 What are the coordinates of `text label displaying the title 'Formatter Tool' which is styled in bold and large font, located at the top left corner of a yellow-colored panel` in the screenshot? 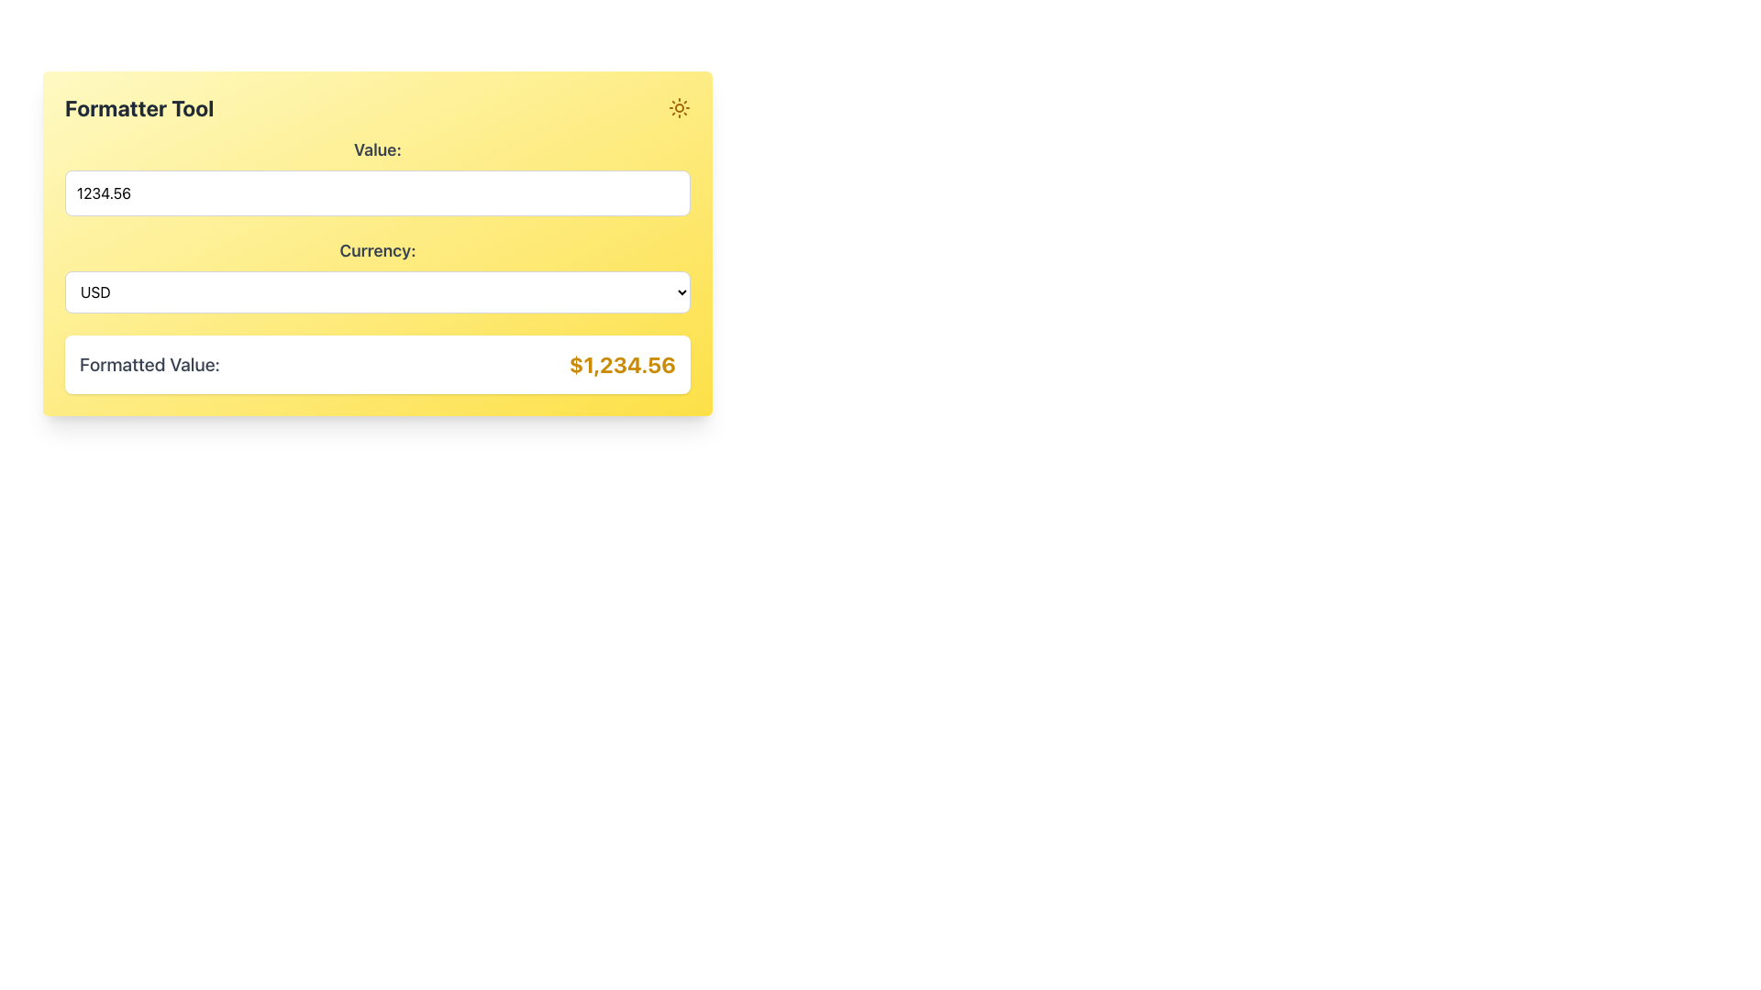 It's located at (138, 108).